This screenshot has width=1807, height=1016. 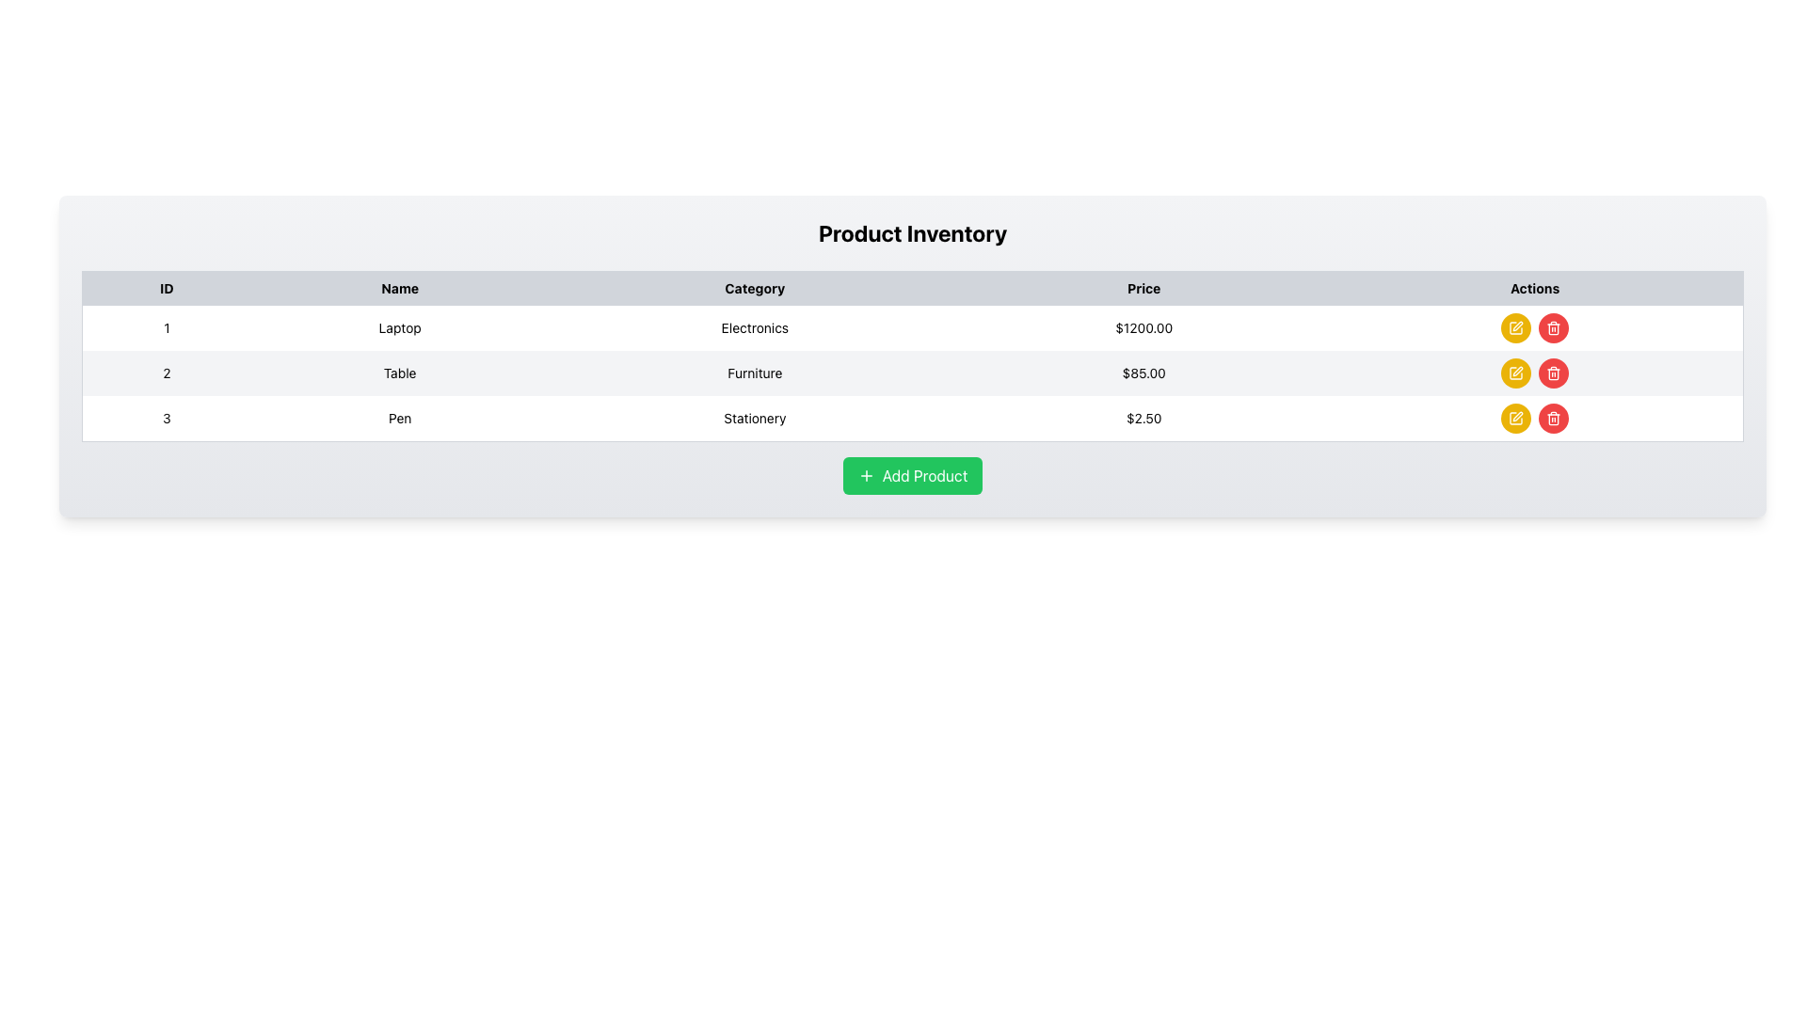 What do you see at coordinates (1535, 326) in the screenshot?
I see `the yellow circular button with an edit icon in the actions column for the 'Laptop' entry` at bounding box center [1535, 326].